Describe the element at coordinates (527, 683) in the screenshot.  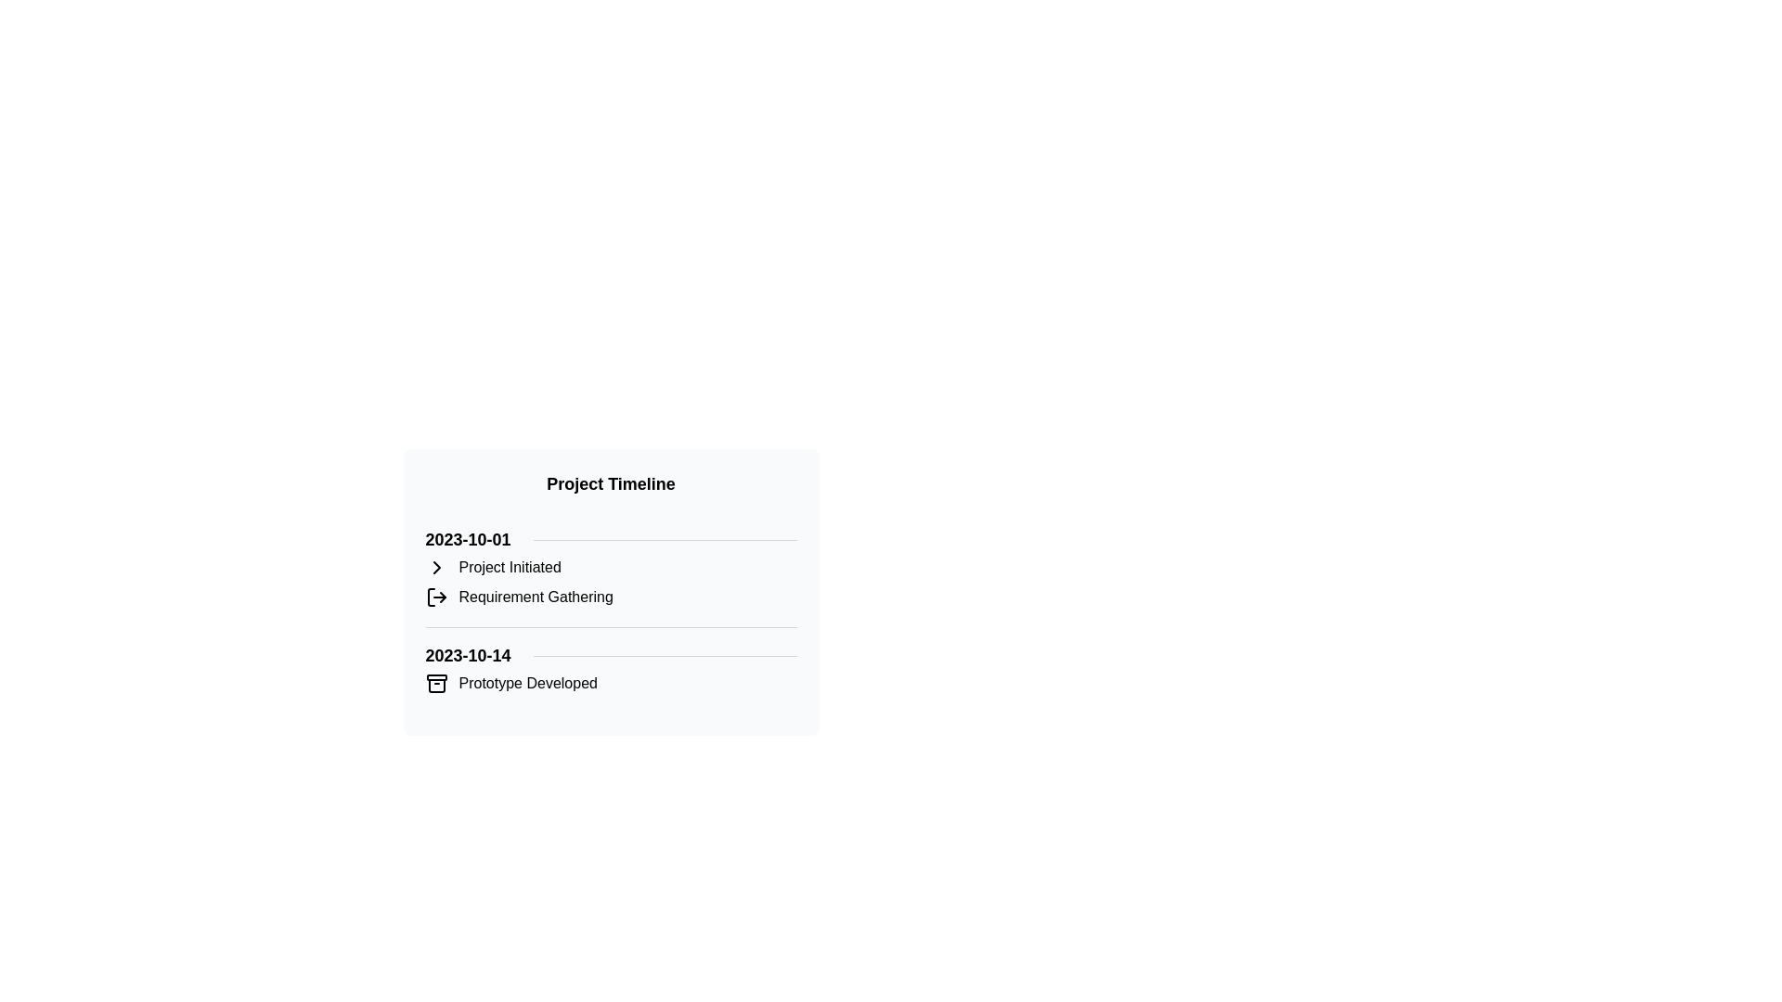
I see `the static text label displaying 'Prototype Developed' in black on a white background` at that location.